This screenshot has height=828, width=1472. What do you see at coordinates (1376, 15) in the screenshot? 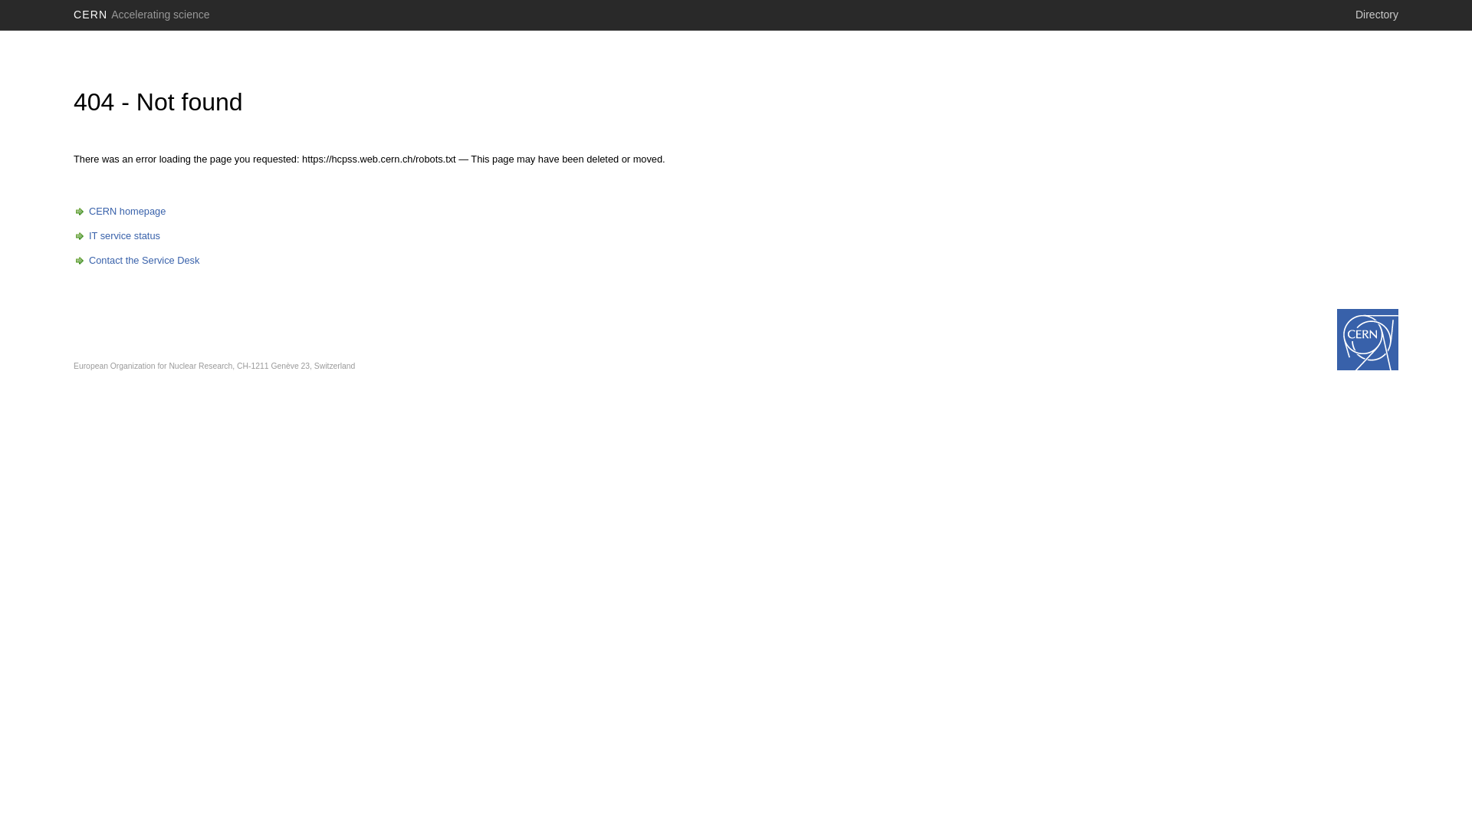
I see `'Directory'` at bounding box center [1376, 15].